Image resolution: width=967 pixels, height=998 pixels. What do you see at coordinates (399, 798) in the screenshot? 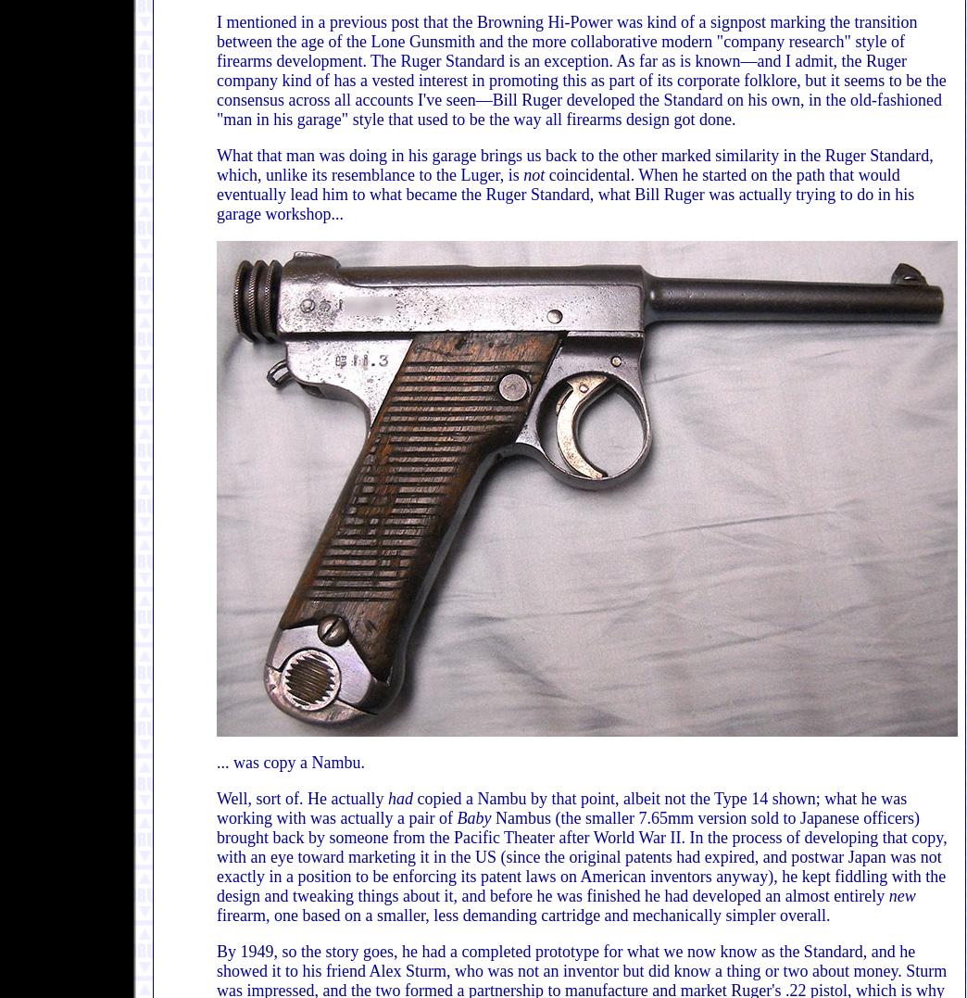
I see `'had'` at bounding box center [399, 798].